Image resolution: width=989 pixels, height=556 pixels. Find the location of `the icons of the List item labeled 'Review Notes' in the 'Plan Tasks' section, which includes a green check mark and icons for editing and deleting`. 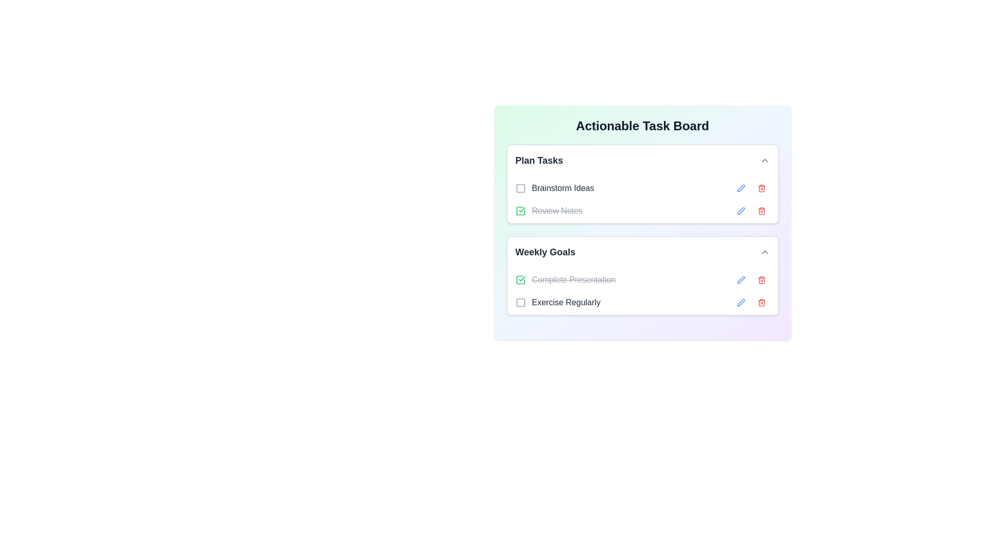

the icons of the List item labeled 'Review Notes' in the 'Plan Tasks' section, which includes a green check mark and icons for editing and deleting is located at coordinates (642, 210).